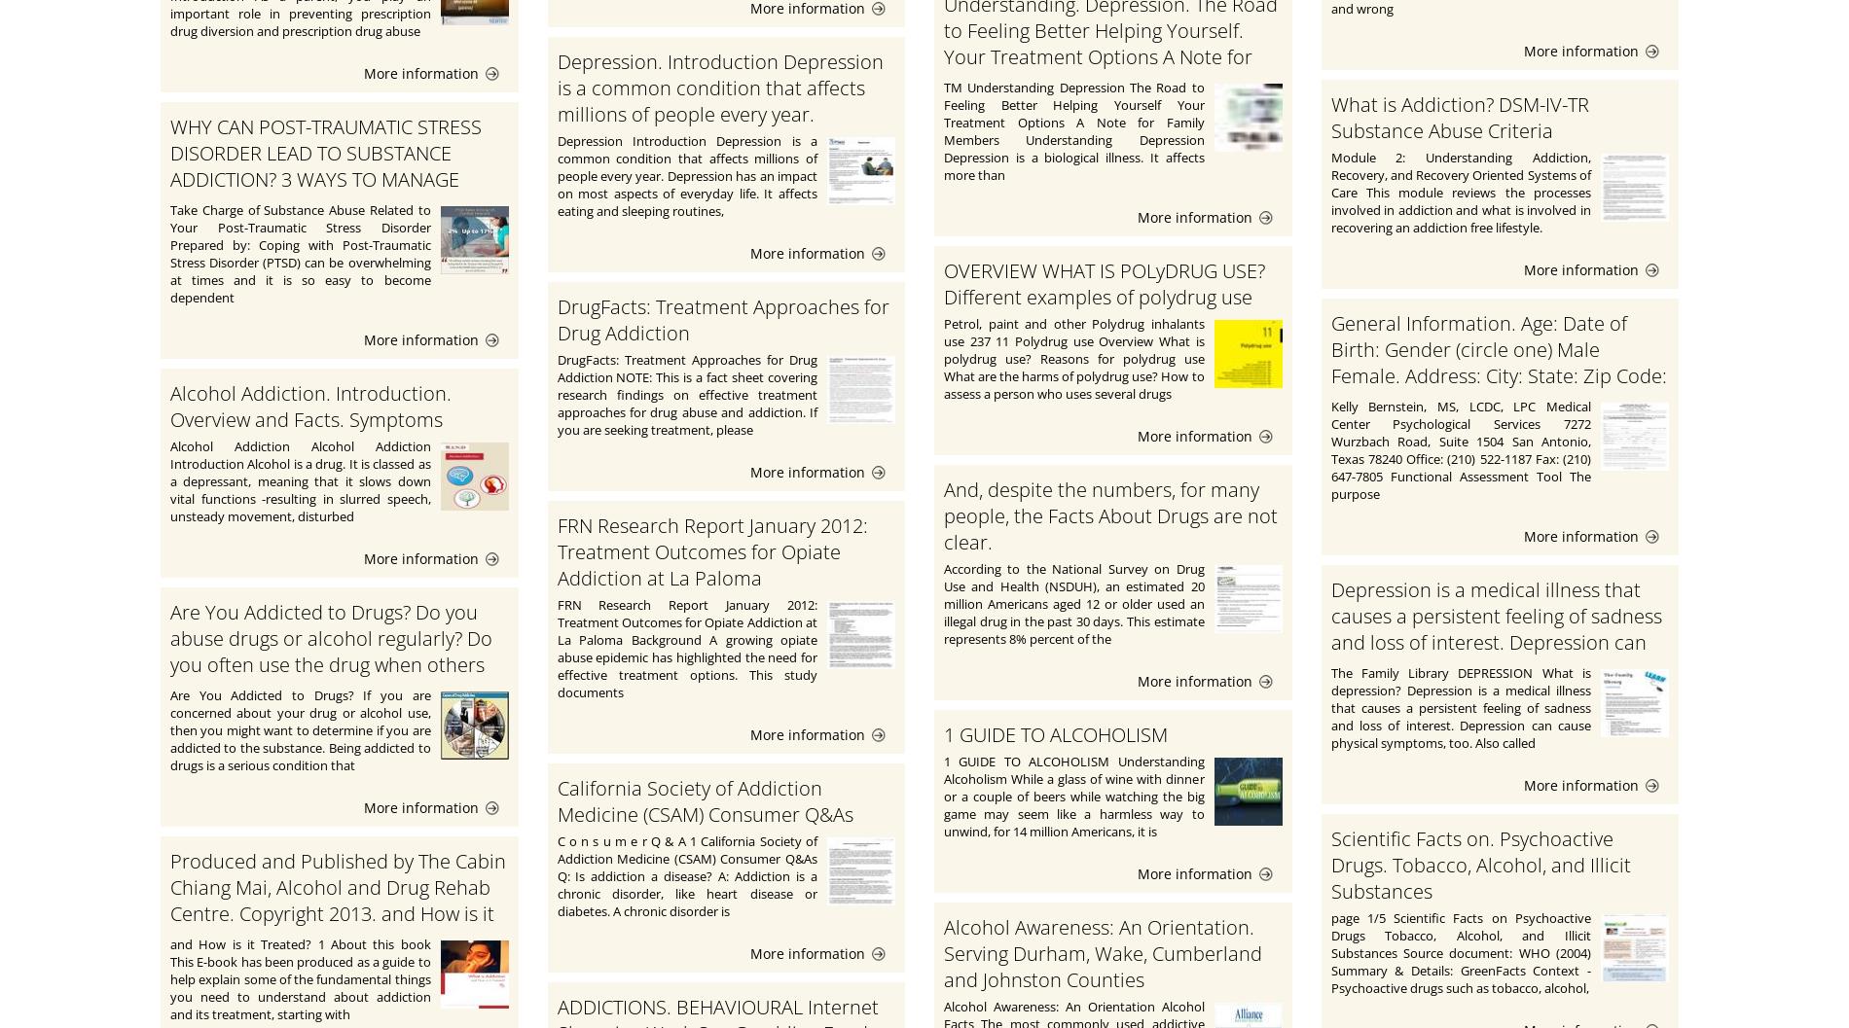 The height and width of the screenshot is (1028, 1849). I want to click on 'FRN Research Report January 2012: Treatment Outcomes for Opiate Addiction at La Paloma Background A growing opiate abuse epidemic has highlighted the need for effective treatment options. This study documents', so click(687, 648).